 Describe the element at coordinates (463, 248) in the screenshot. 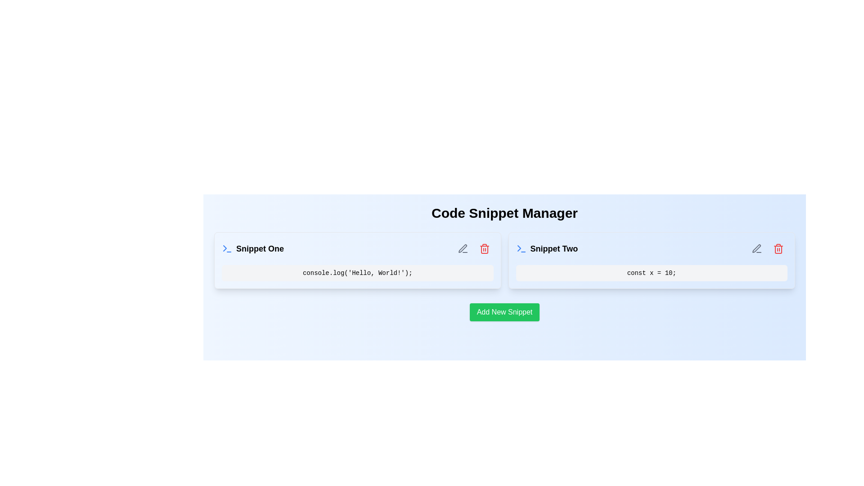

I see `the pen-shaped icon button, which is the first interactive option to the right of the 'Snippet One' item` at that location.